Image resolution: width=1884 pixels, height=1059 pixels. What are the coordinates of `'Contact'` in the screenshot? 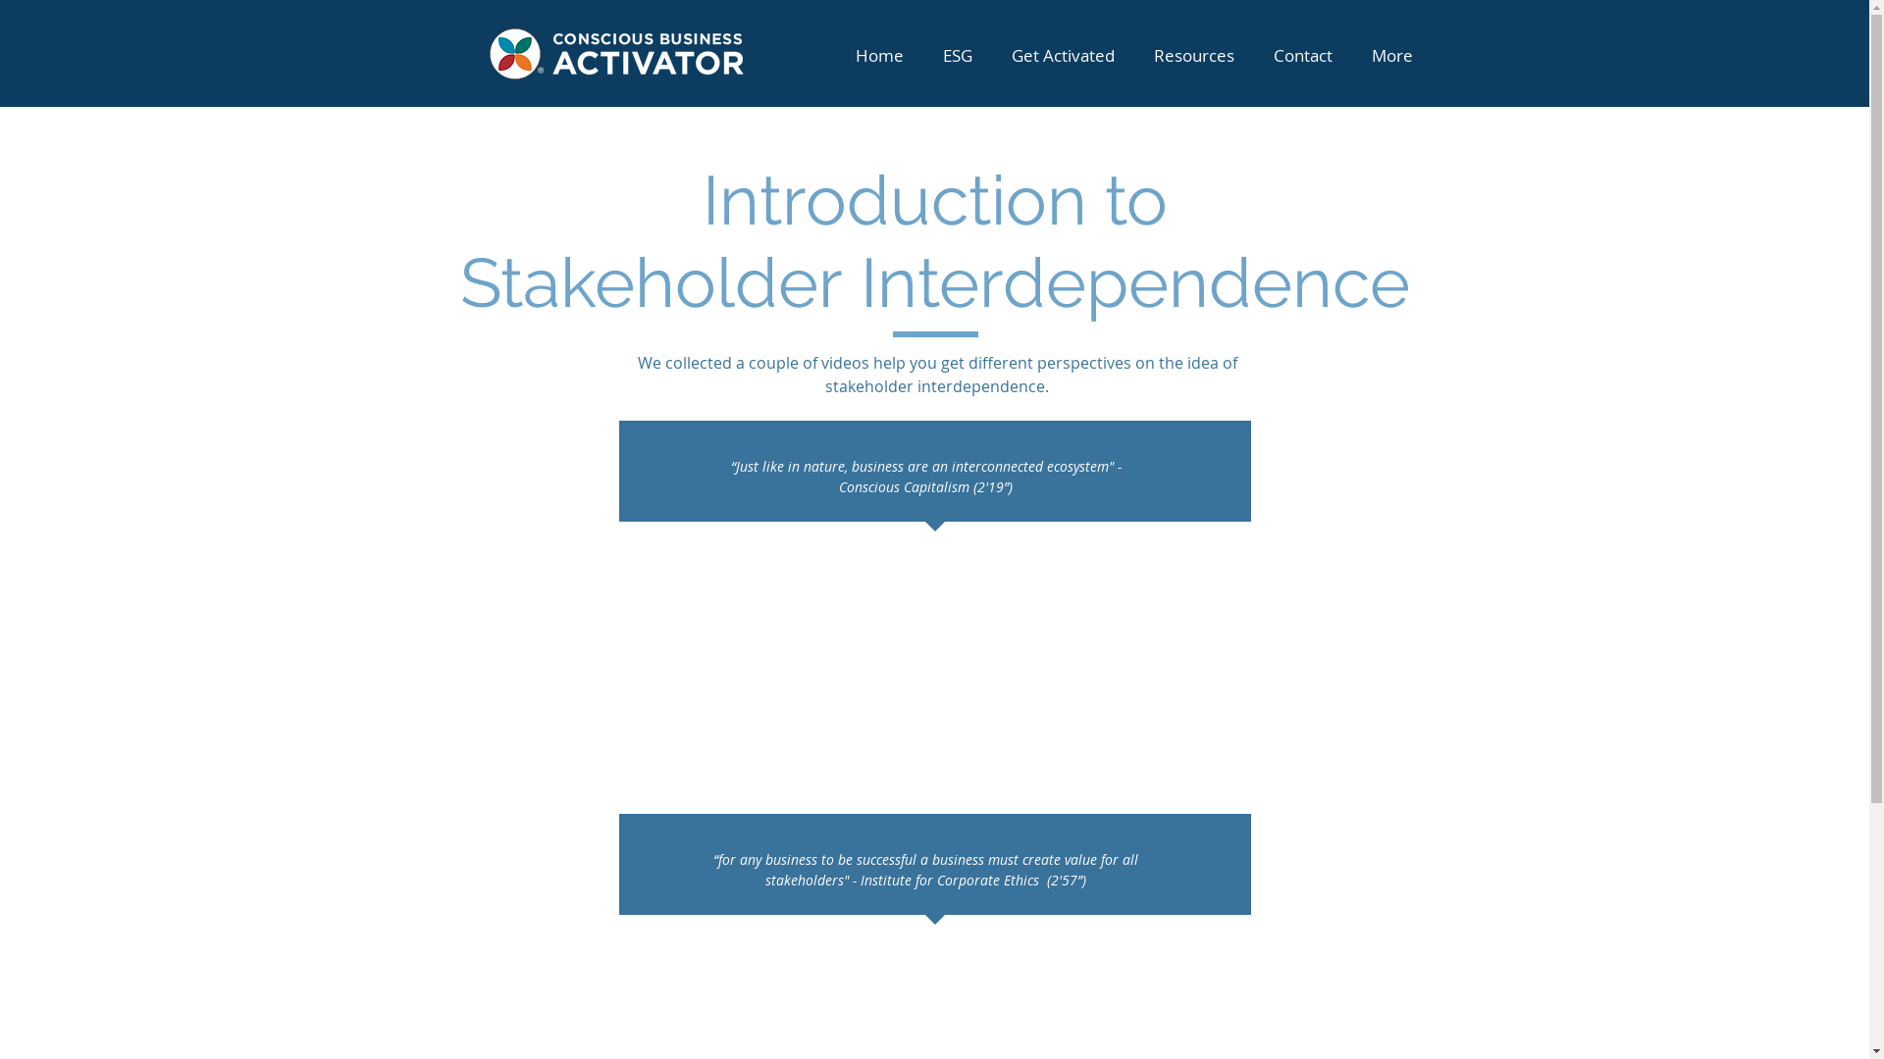 It's located at (1303, 54).